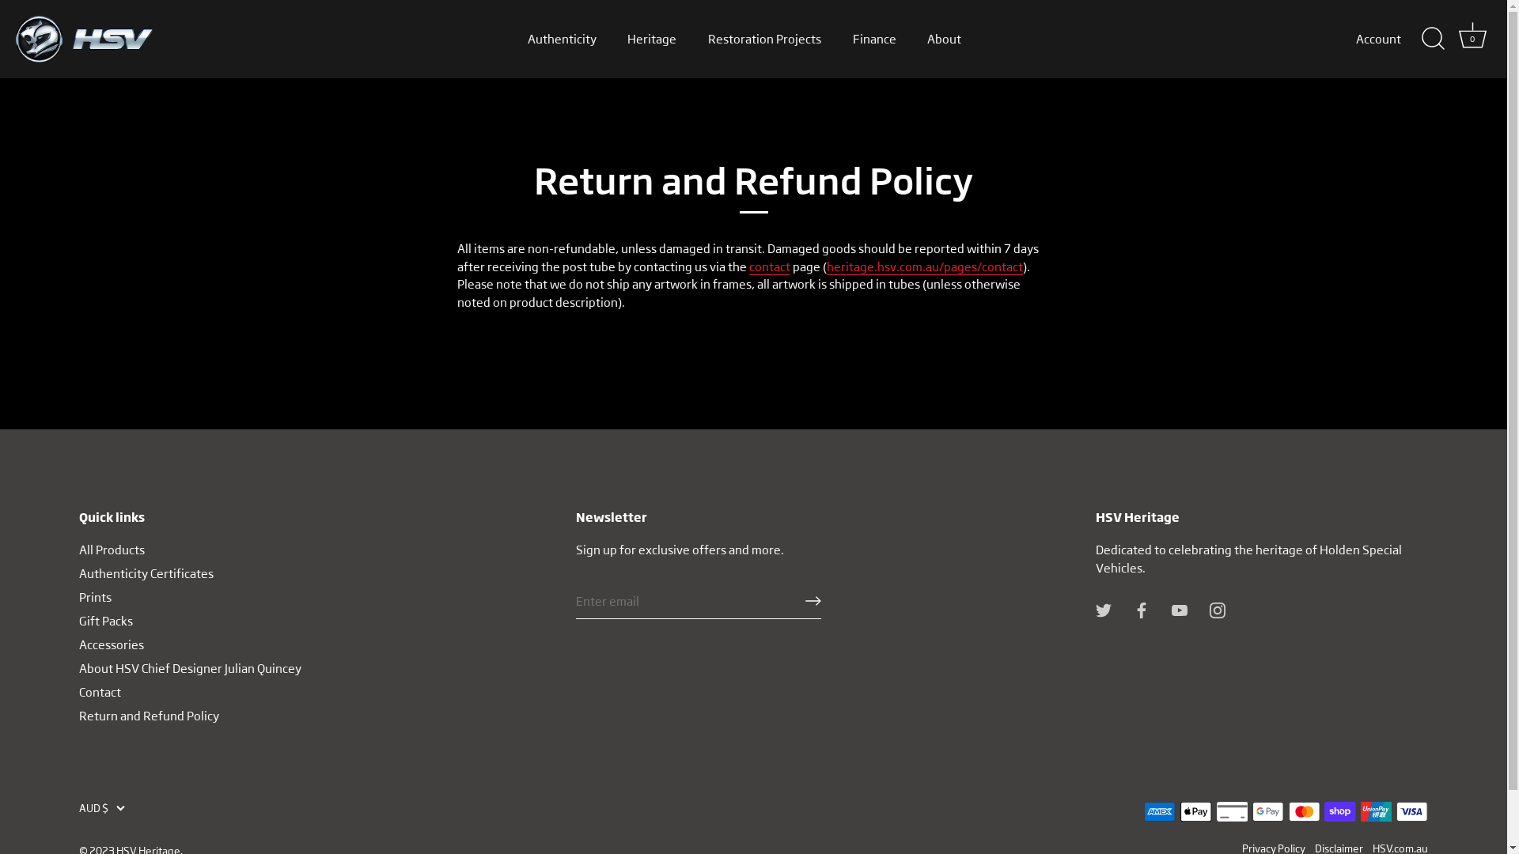 The width and height of the screenshot is (1519, 854). What do you see at coordinates (1392, 38) in the screenshot?
I see `'Account'` at bounding box center [1392, 38].